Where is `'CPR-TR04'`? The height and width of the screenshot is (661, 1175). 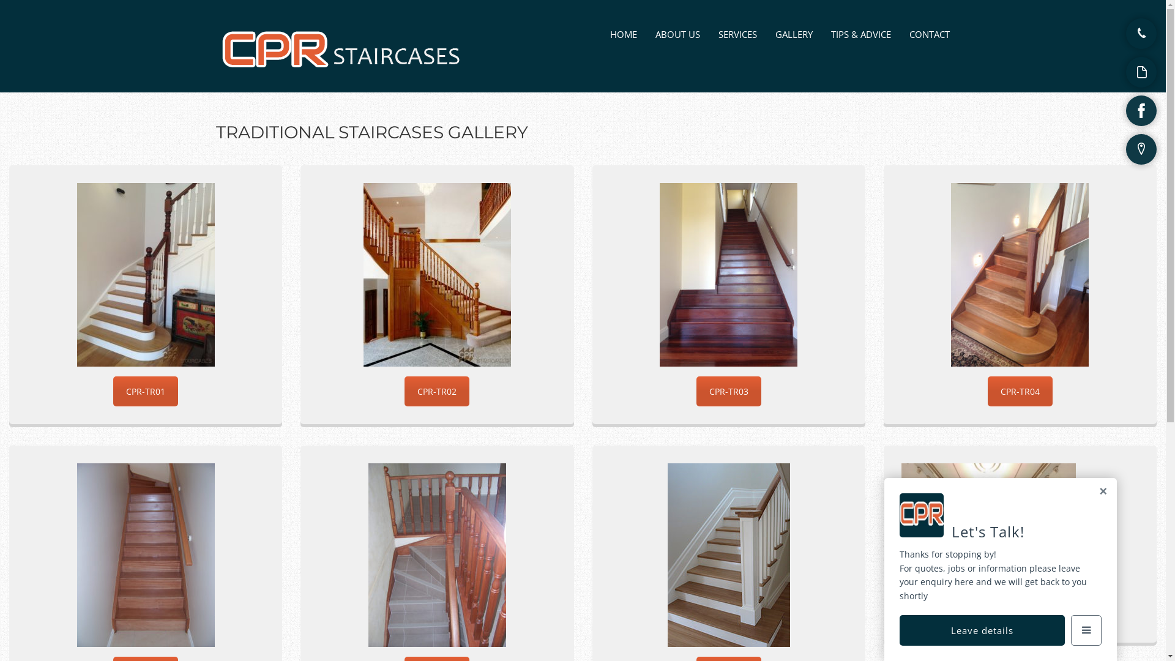 'CPR-TR04' is located at coordinates (1020, 391).